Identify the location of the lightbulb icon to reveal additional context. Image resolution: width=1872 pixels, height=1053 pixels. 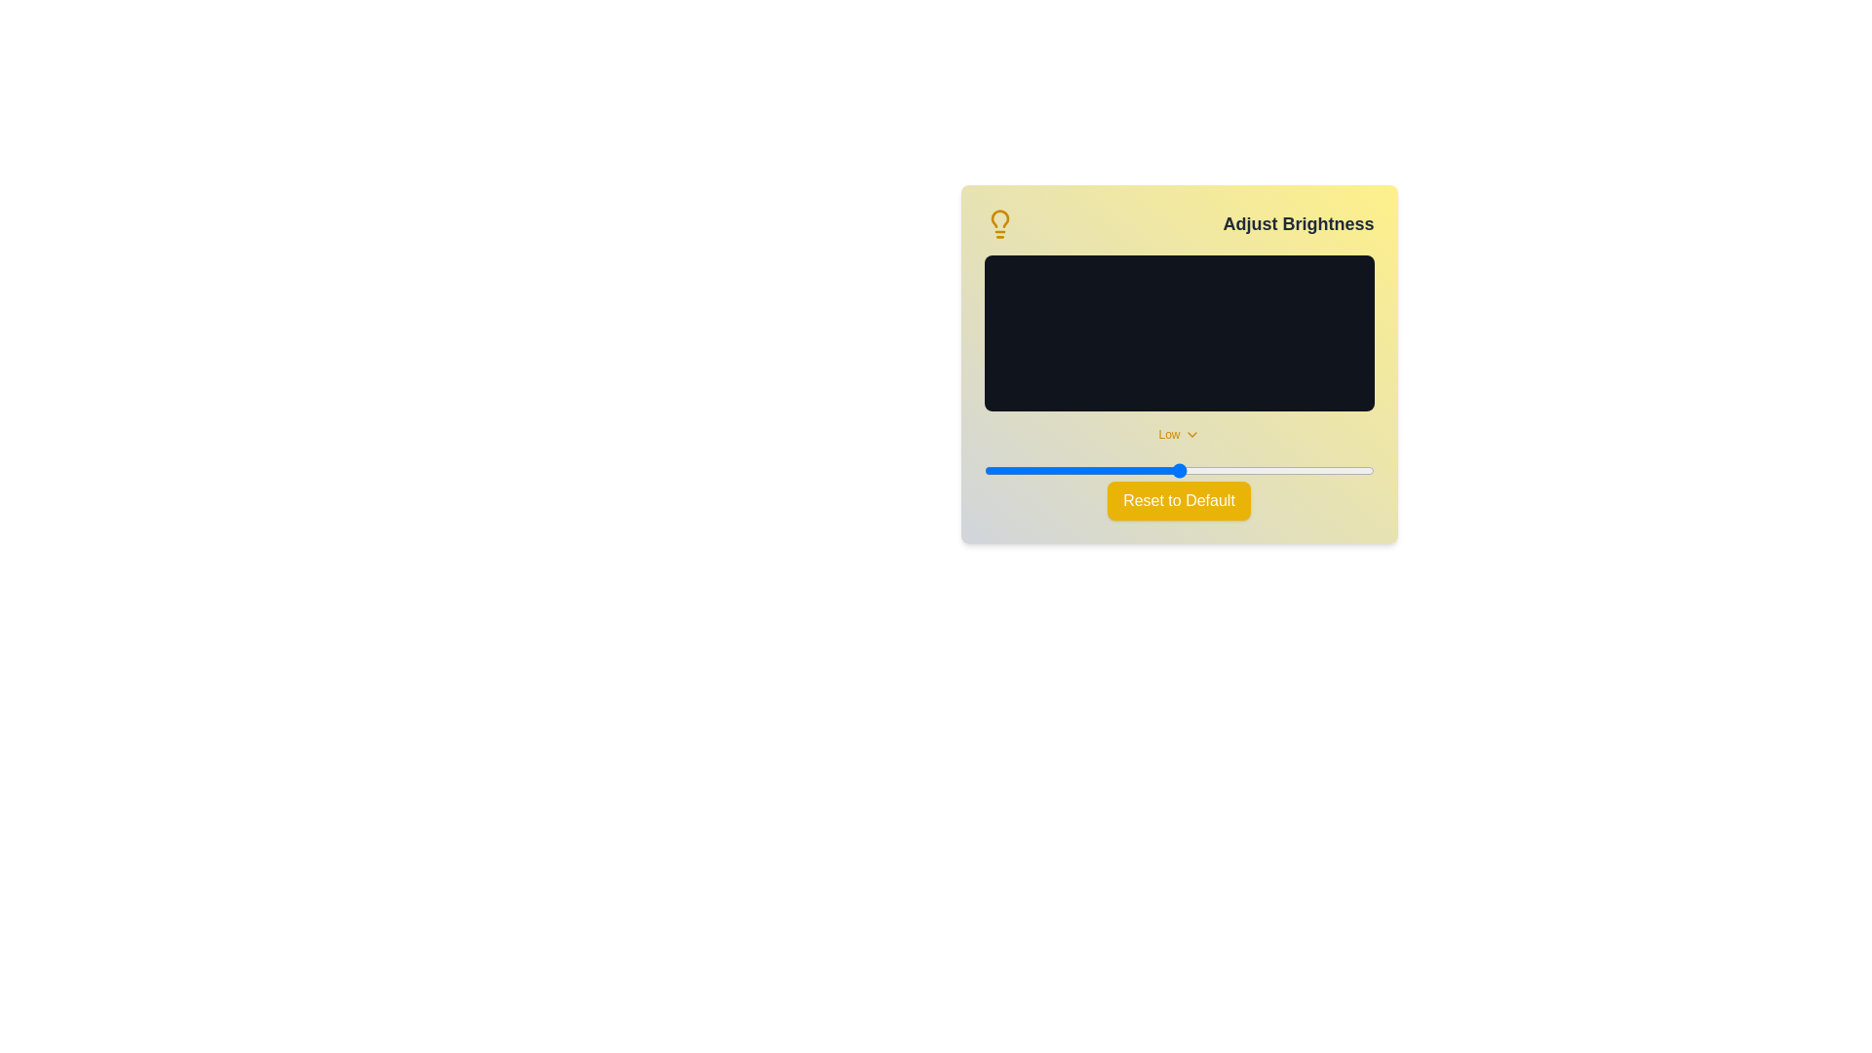
(999, 223).